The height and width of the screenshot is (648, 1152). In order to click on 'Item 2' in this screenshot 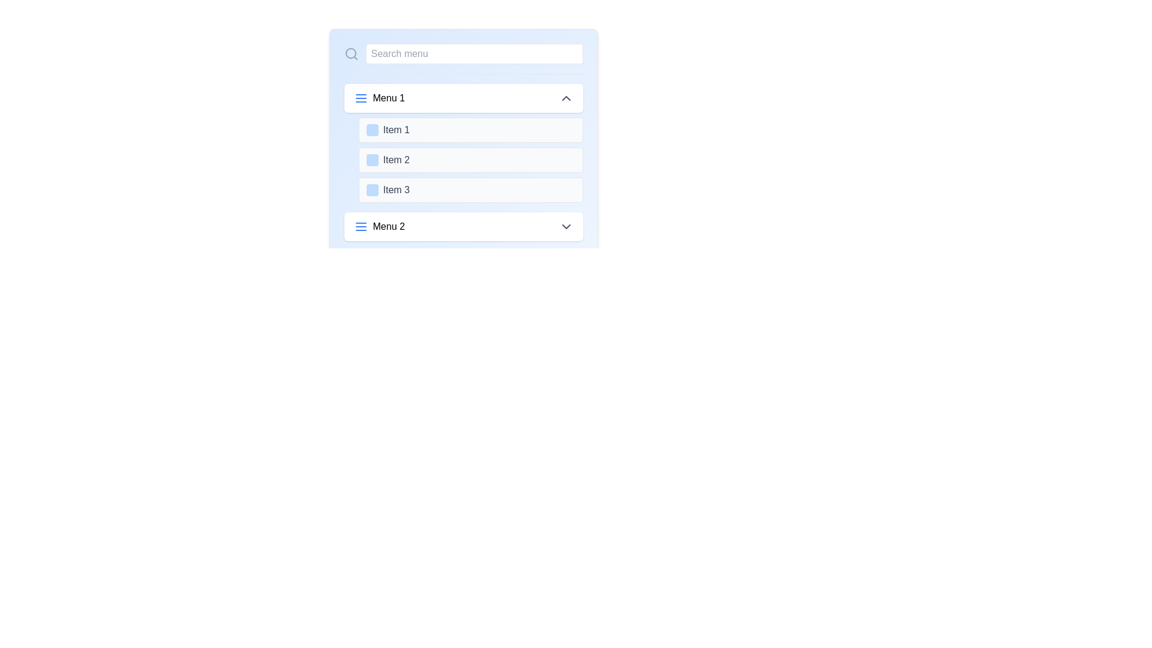, I will do `click(463, 161)`.